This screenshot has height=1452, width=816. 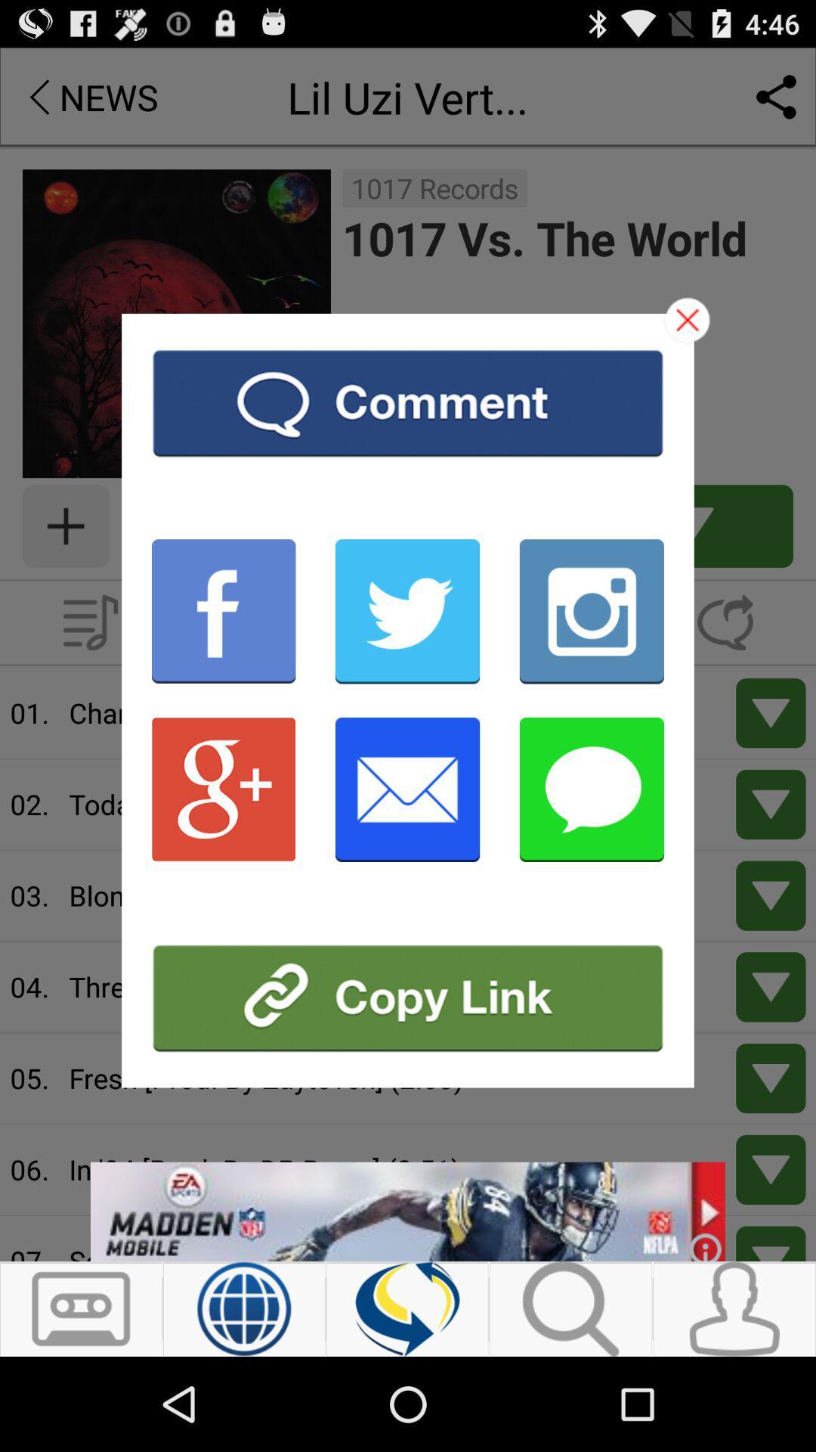 What do you see at coordinates (224, 788) in the screenshot?
I see `click for google plus` at bounding box center [224, 788].